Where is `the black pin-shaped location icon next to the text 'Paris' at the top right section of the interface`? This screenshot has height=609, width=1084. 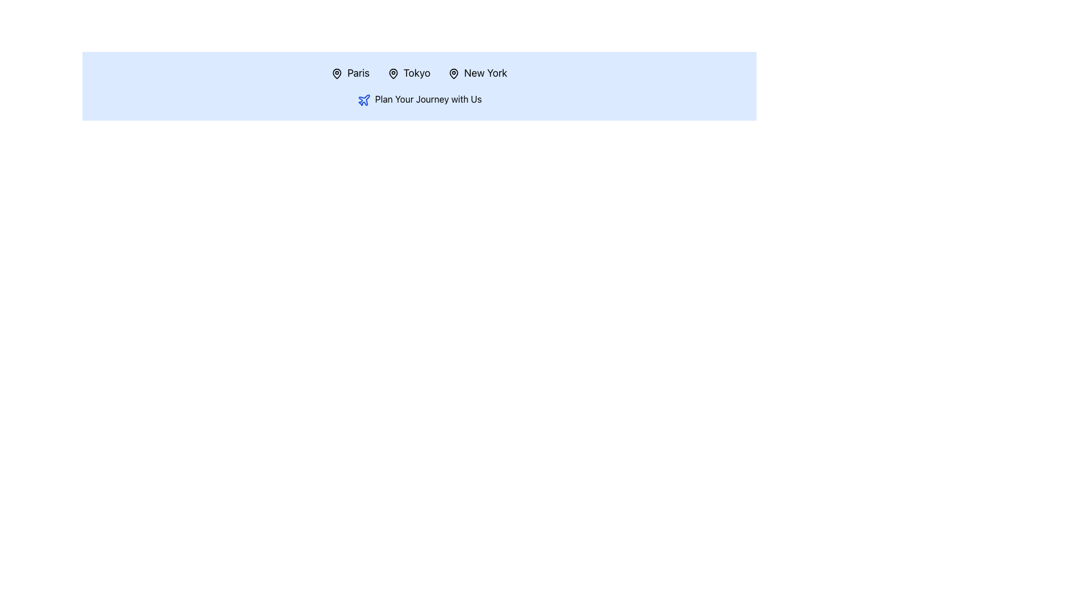
the black pin-shaped location icon next to the text 'Paris' at the top right section of the interface is located at coordinates (336, 74).